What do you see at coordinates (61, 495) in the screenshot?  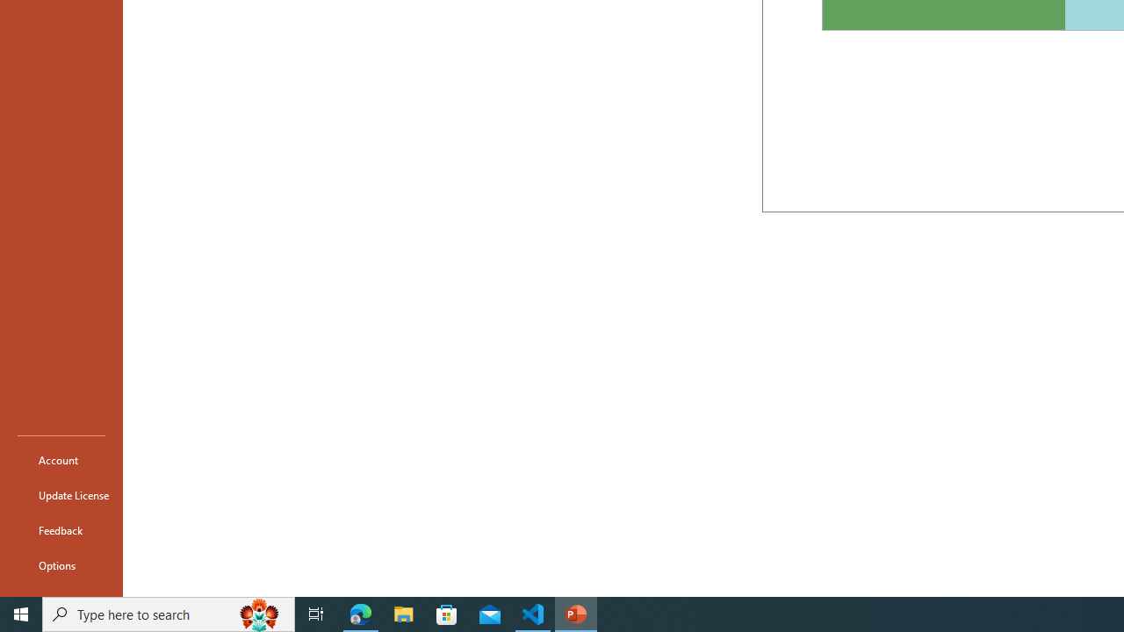 I see `'Update License'` at bounding box center [61, 495].